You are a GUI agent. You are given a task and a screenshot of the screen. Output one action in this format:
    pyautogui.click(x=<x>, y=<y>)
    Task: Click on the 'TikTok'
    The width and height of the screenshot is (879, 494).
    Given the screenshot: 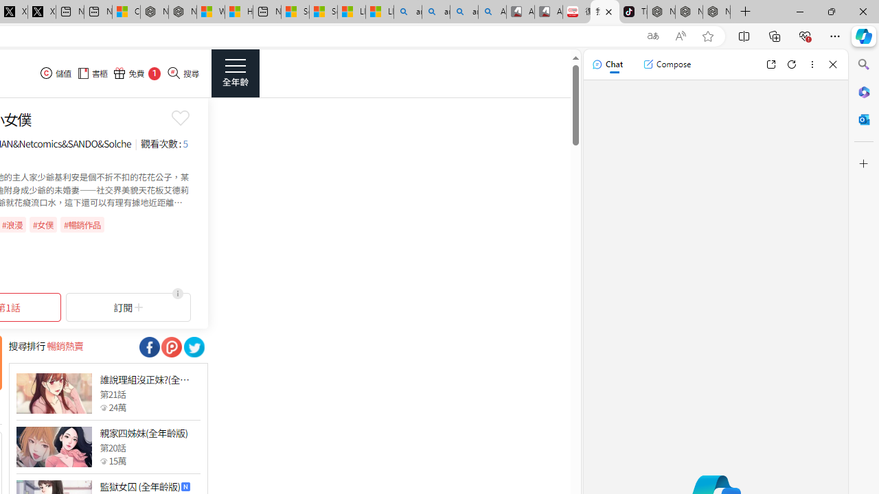 What is the action you would take?
    pyautogui.click(x=632, y=12)
    